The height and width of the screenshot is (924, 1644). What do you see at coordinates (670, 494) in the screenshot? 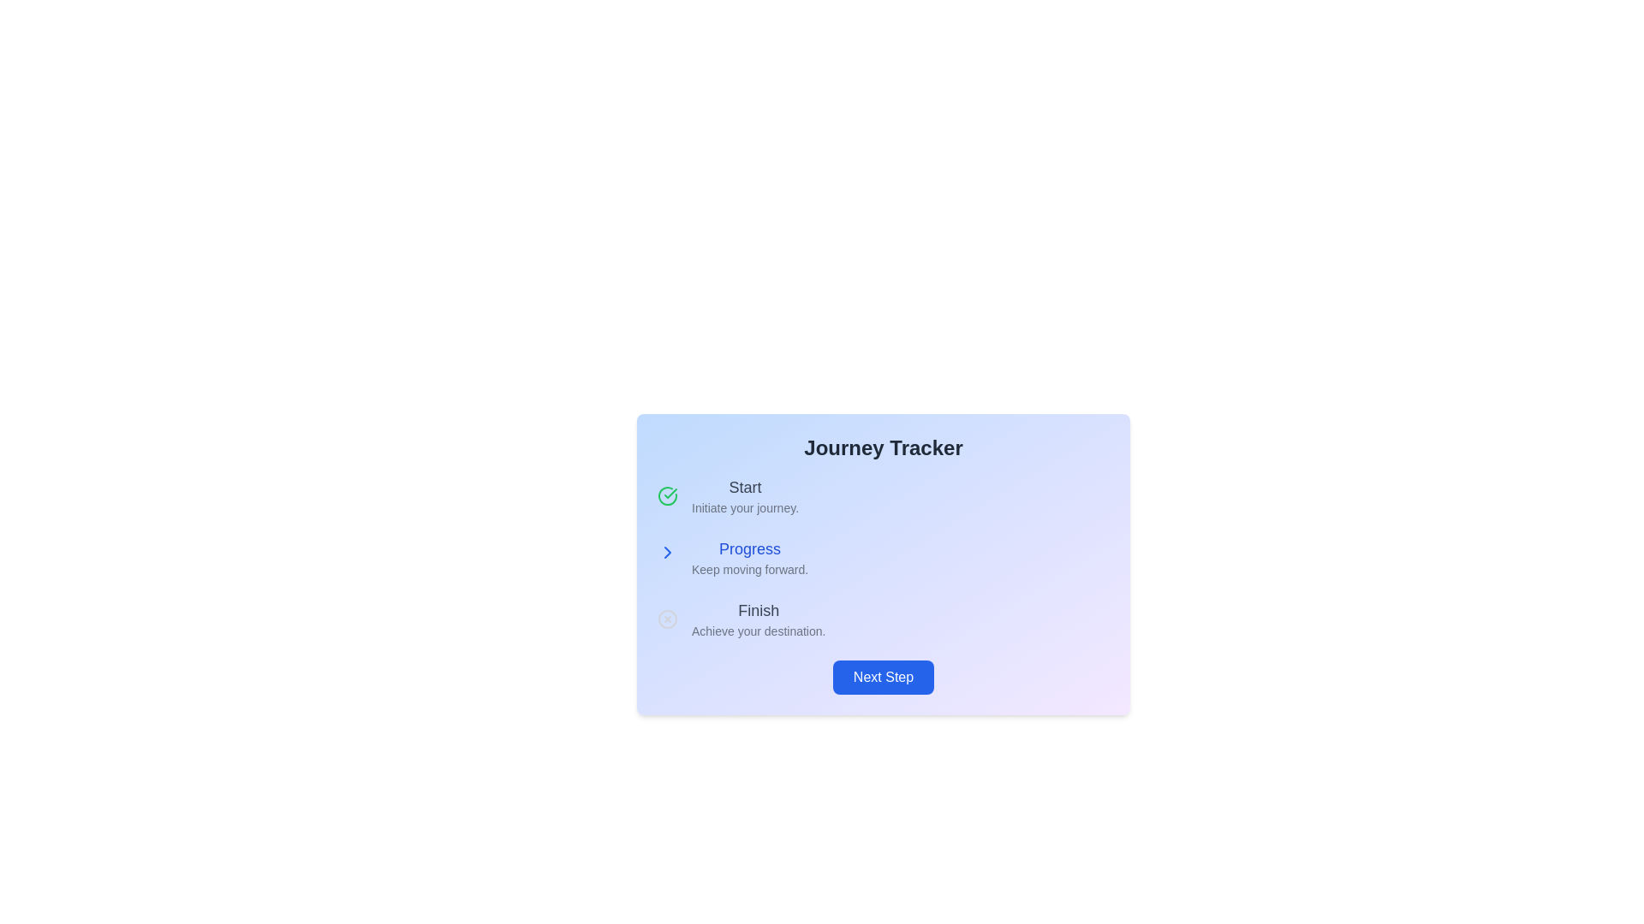
I see `the progress icon that signifies success for the 'Start' step in the workflow, located next to the 'Start' label` at bounding box center [670, 494].